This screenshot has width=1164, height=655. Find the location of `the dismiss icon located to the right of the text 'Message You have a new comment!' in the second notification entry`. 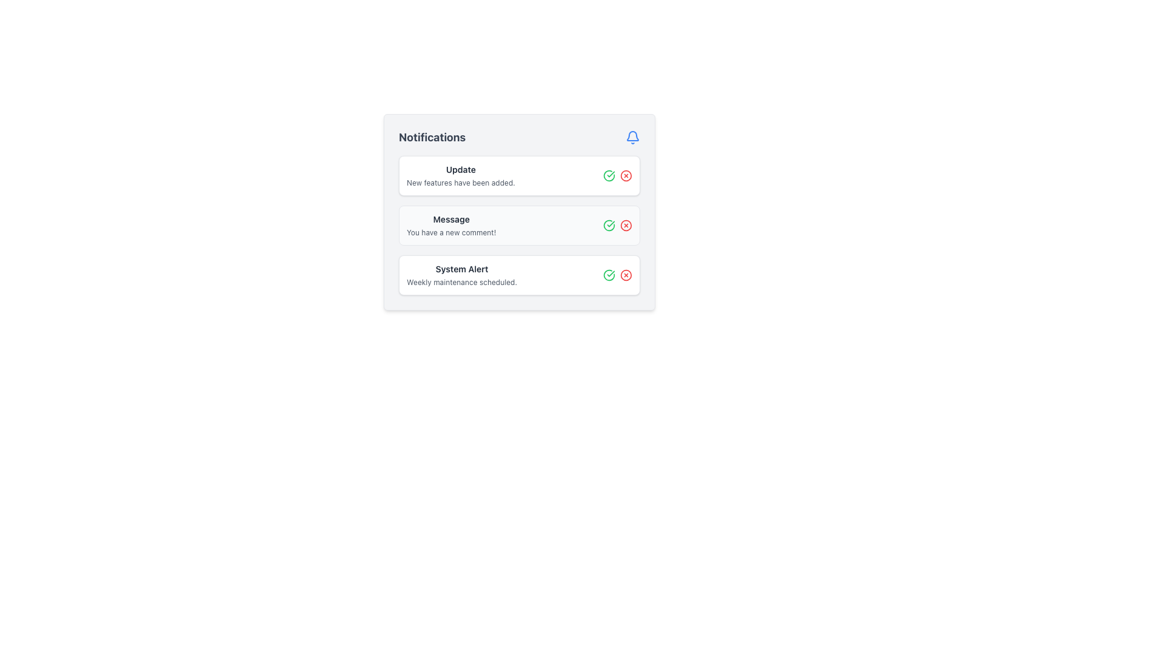

the dismiss icon located to the right of the text 'Message You have a new comment!' in the second notification entry is located at coordinates (626, 225).